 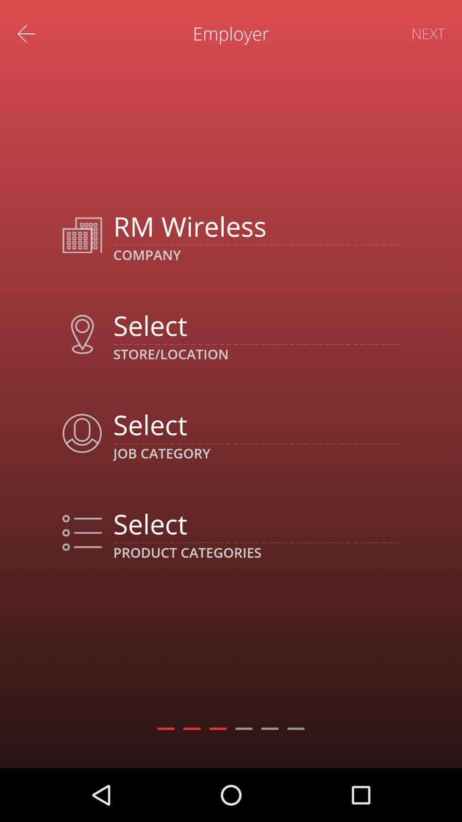 I want to click on job category drop down box, so click(x=256, y=424).